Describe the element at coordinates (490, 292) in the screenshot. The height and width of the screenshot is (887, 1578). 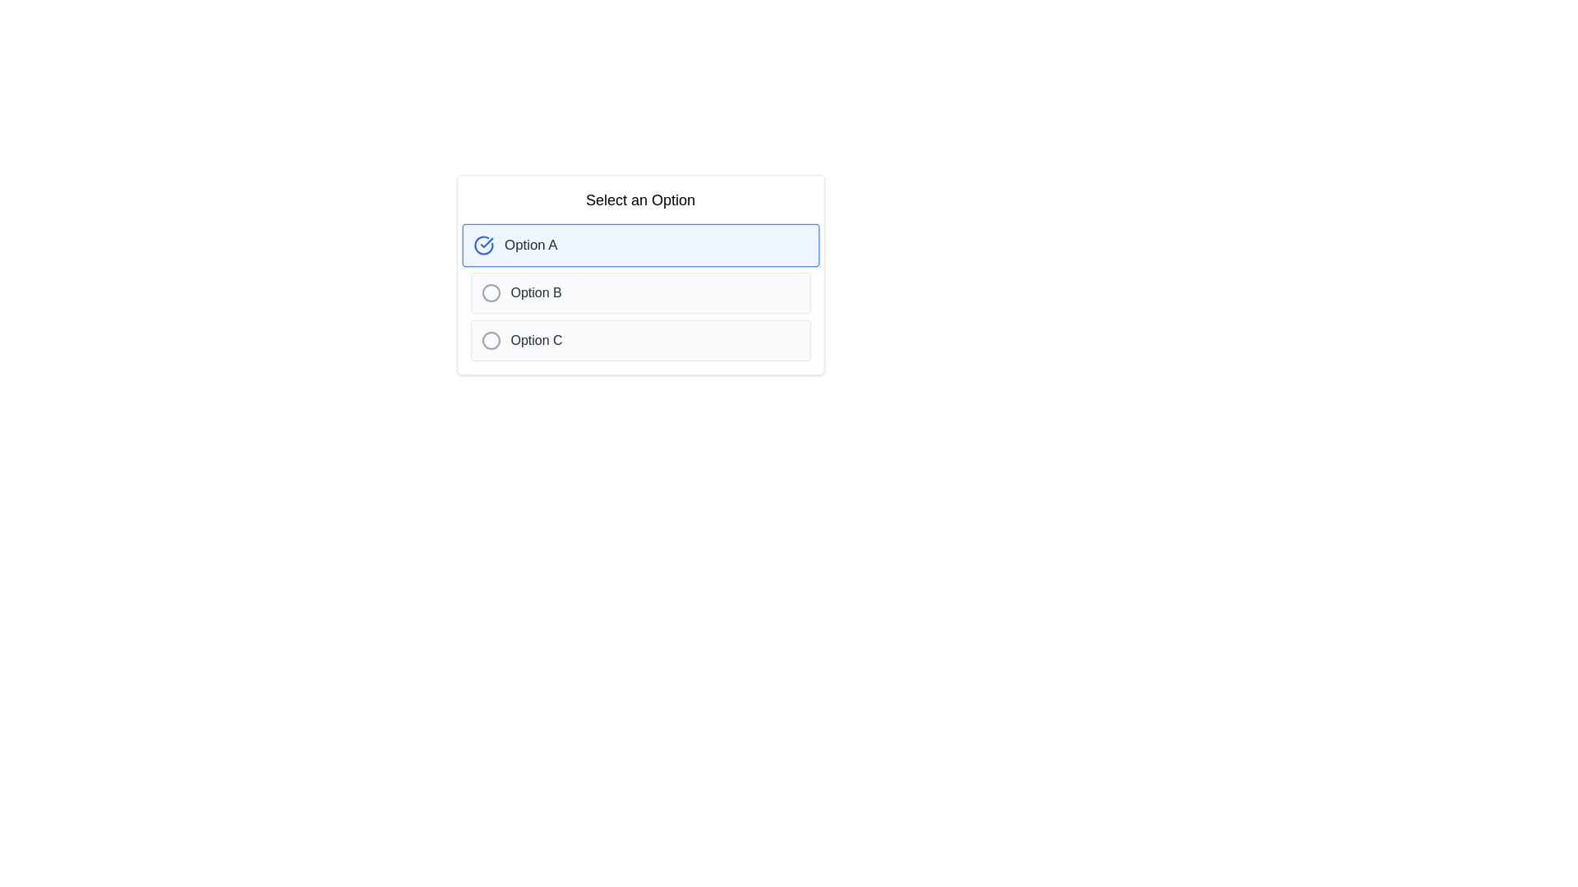
I see `the Circle graphical element representing the radio button for 'Option B'` at that location.